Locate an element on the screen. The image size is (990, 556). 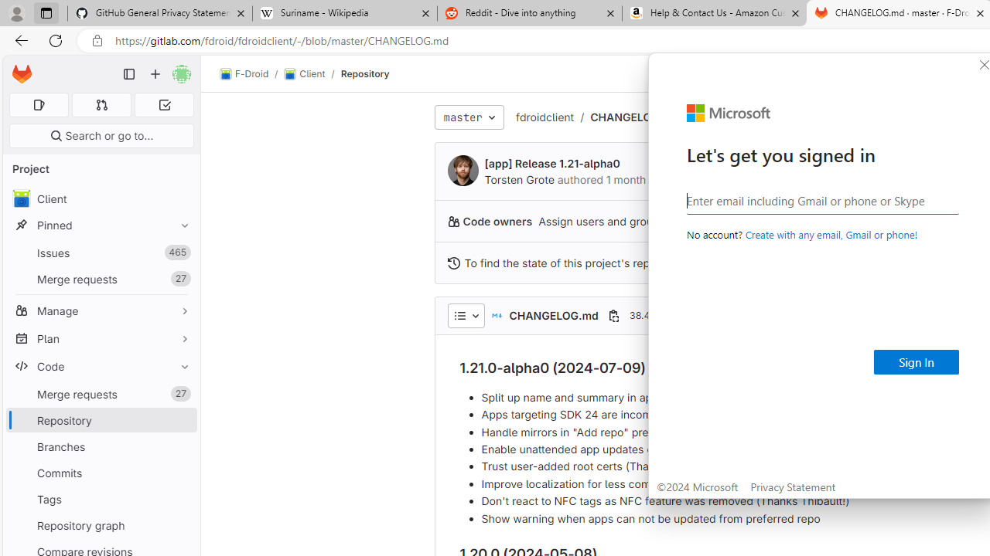
'avatar Client' is located at coordinates (101, 198).